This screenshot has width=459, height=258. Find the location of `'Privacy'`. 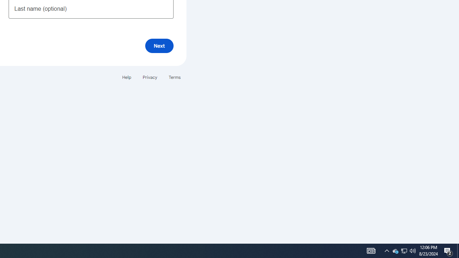

'Privacy' is located at coordinates (149, 77).